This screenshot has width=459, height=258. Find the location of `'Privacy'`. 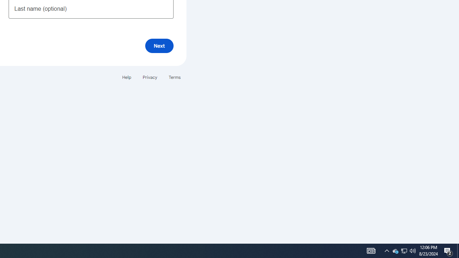

'Privacy' is located at coordinates (149, 77).